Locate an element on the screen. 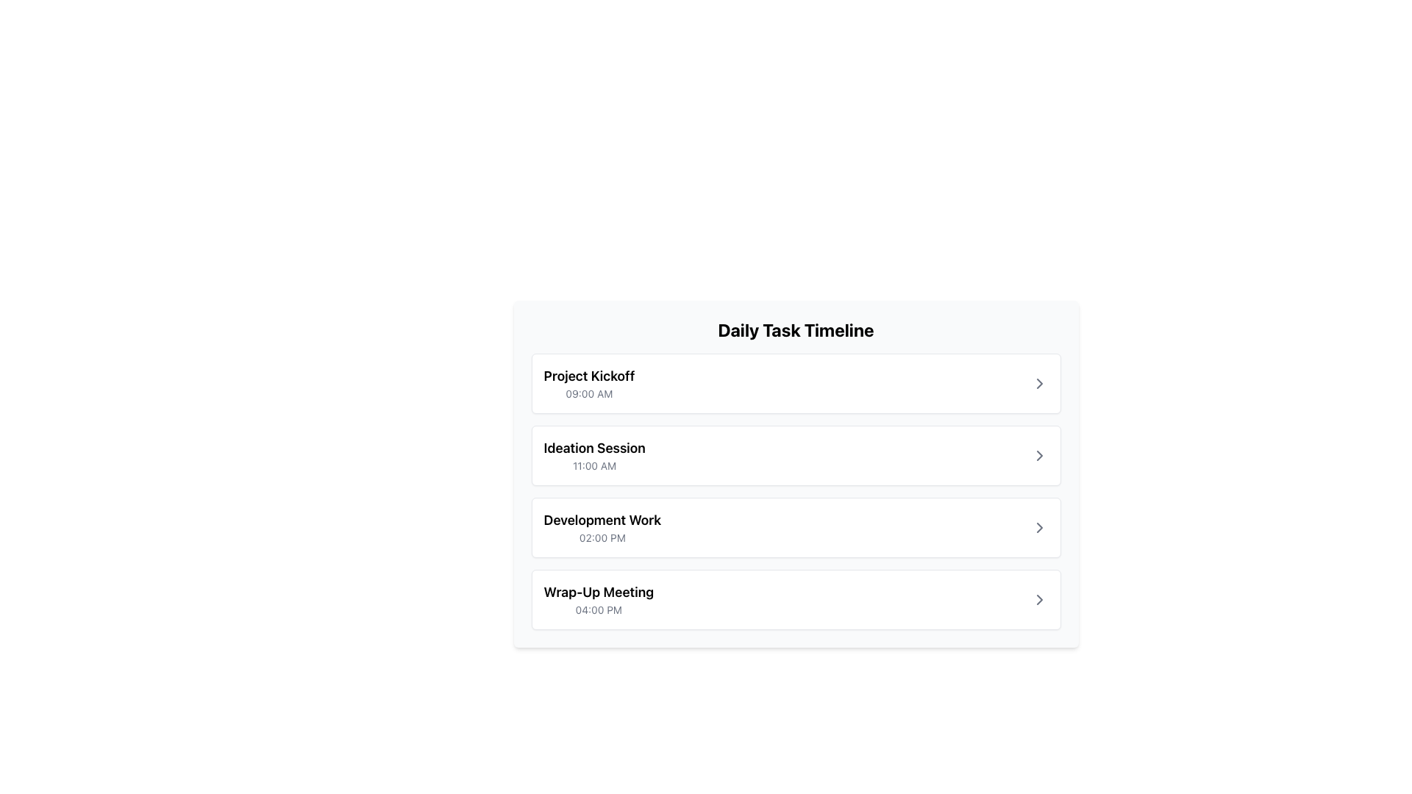  the second clickable card in the Daily Task Timeline, positioned below 'Project Kickoff' and above 'Development Work' is located at coordinates (795, 455).